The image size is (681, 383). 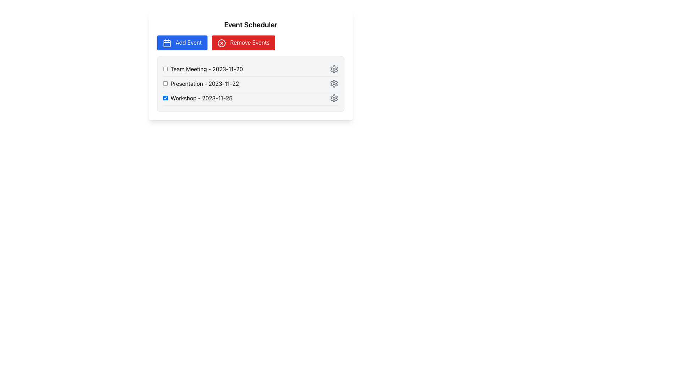 What do you see at coordinates (201, 98) in the screenshot?
I see `the static text label displaying 'Workshop - 2023-11-25' which is the last line in the event list within the 'Event Scheduler' section` at bounding box center [201, 98].